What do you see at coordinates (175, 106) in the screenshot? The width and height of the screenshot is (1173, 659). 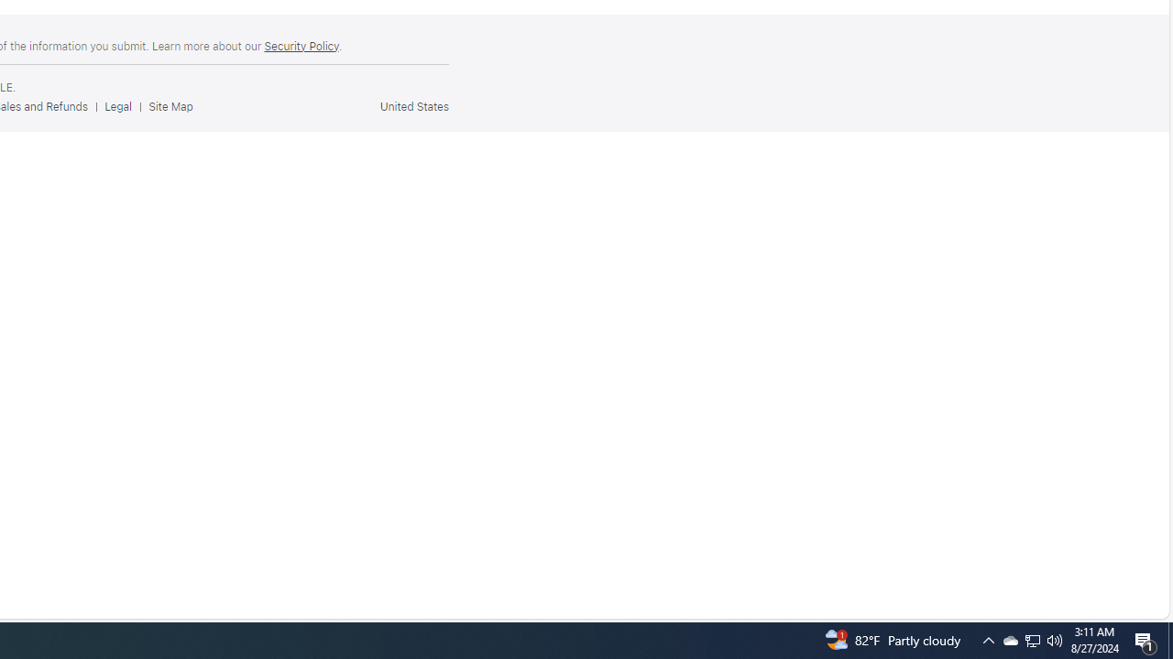 I see `'Site Map'` at bounding box center [175, 106].